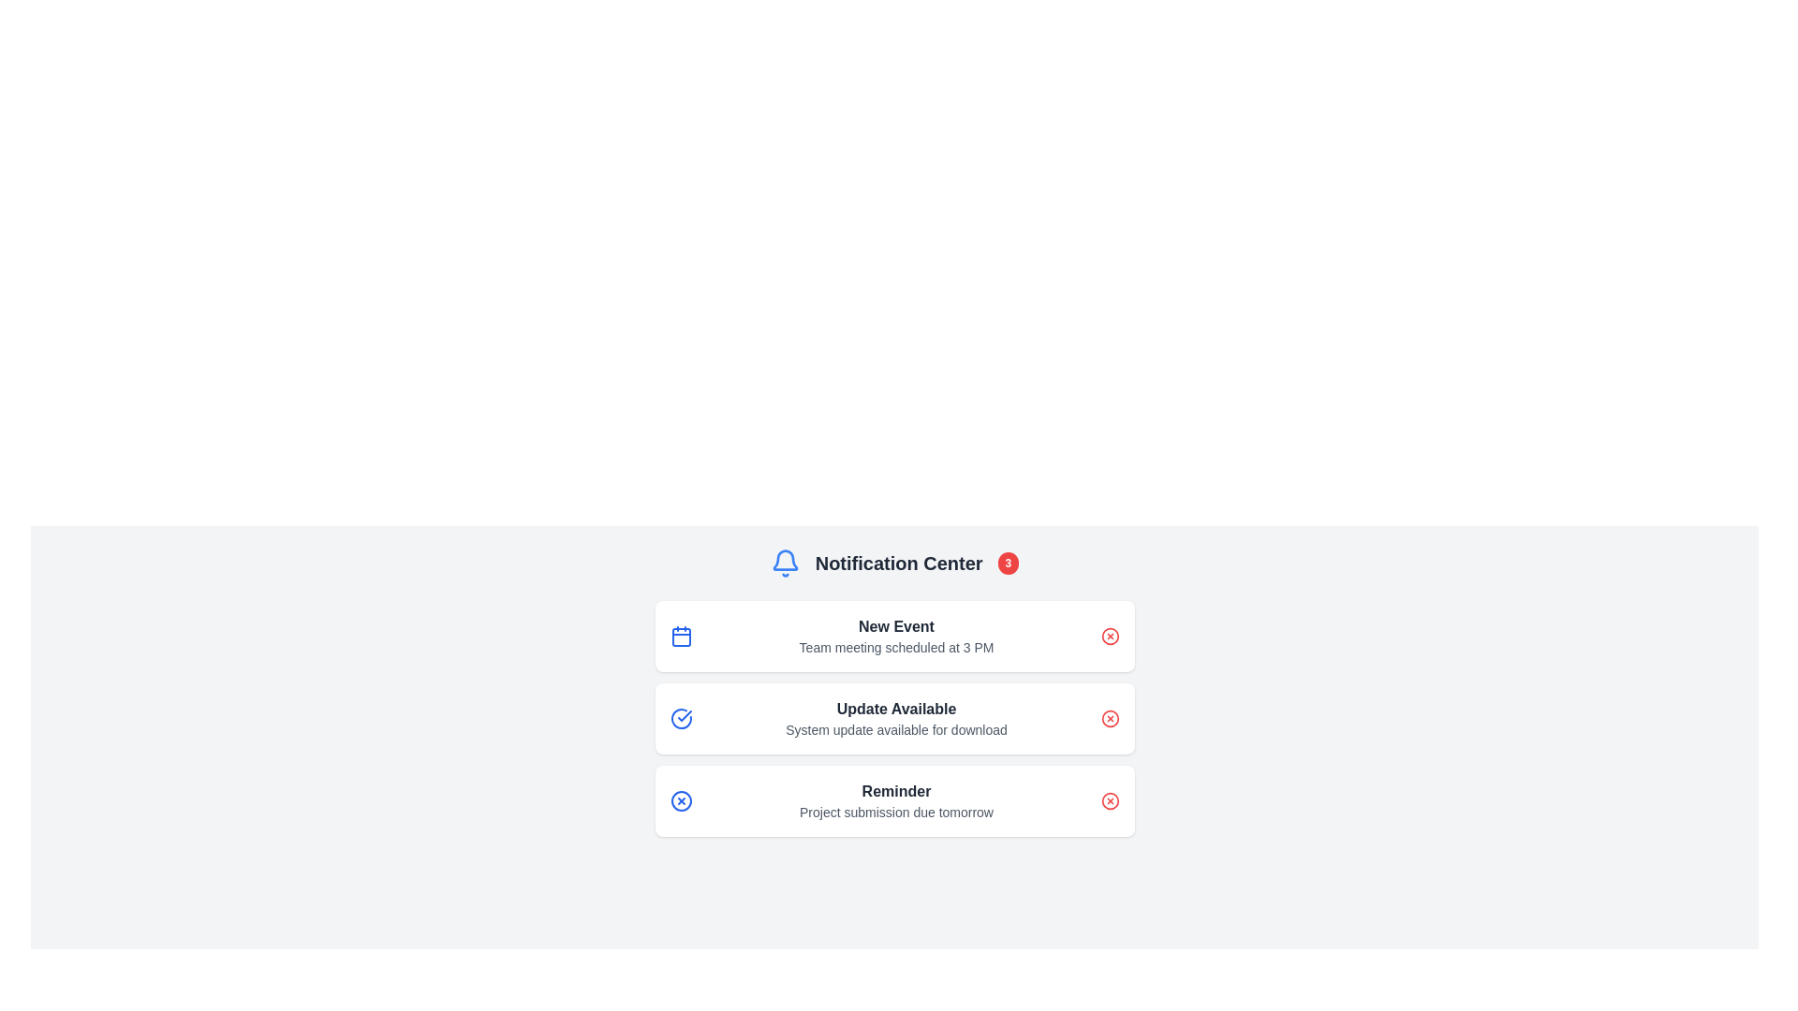 This screenshot has height=1011, width=1798. What do you see at coordinates (785, 562) in the screenshot?
I see `the blue bell icon in the Notification Center section, which symbolizes notifications and is located at the leftmost side of the header, by clicking on it` at bounding box center [785, 562].